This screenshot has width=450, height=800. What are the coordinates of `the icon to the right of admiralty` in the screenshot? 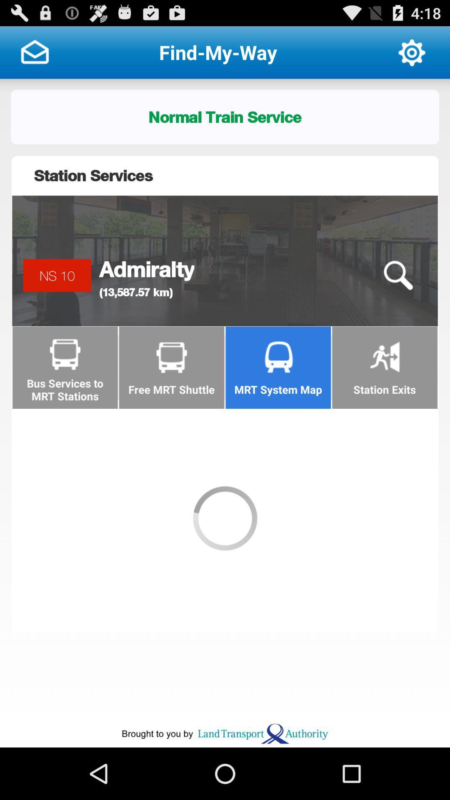 It's located at (397, 275).